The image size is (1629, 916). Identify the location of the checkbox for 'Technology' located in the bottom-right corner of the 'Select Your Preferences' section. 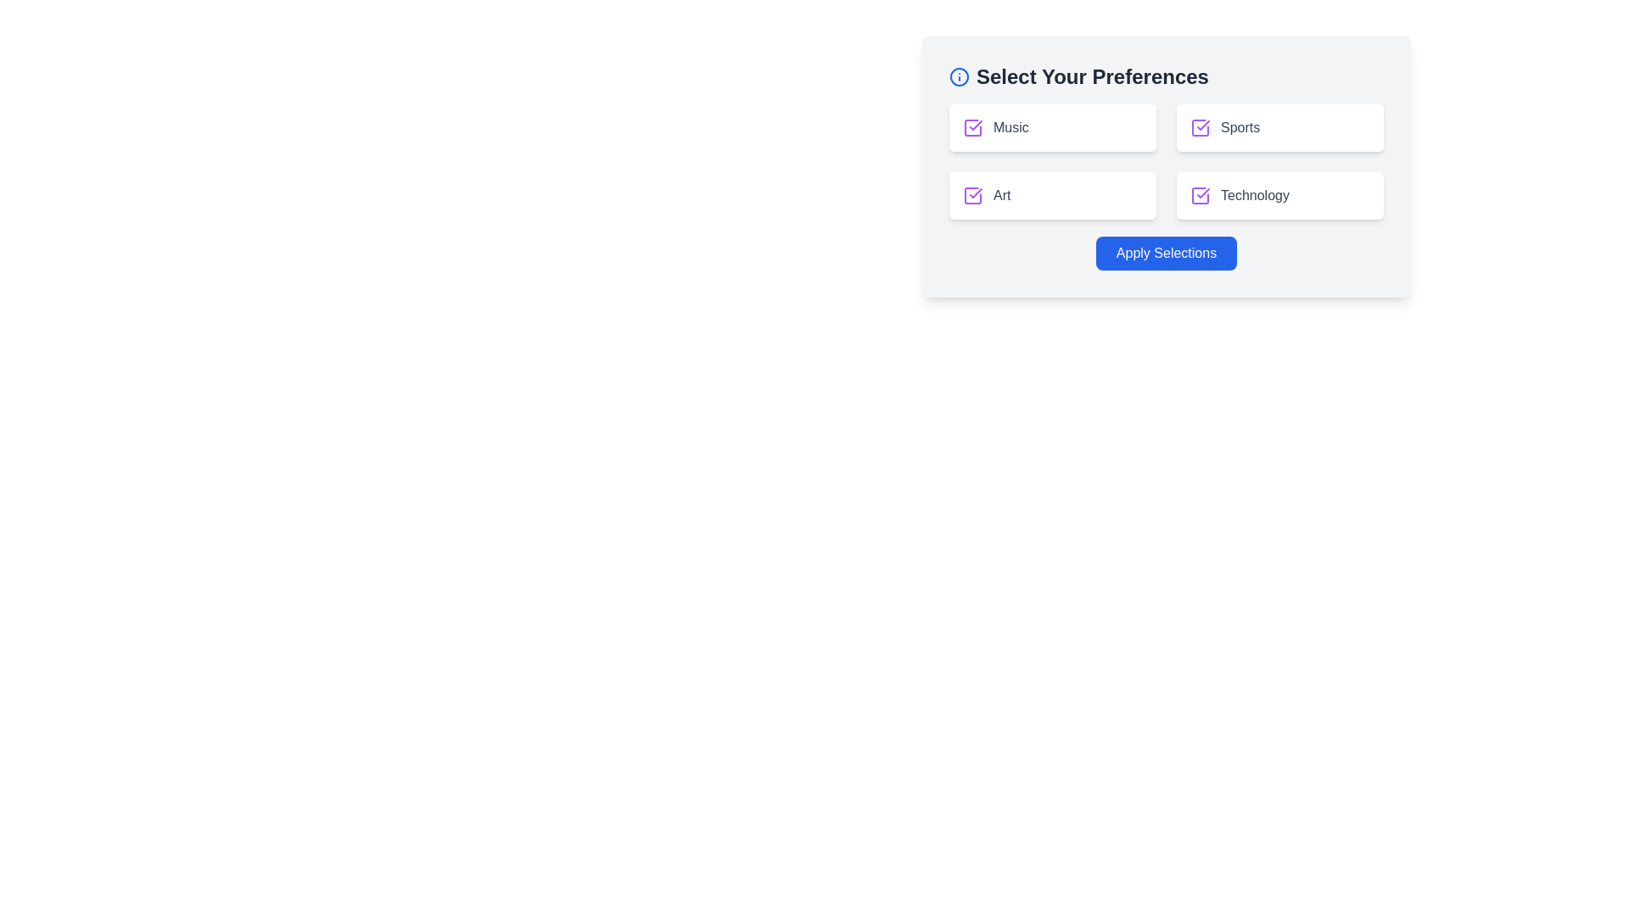
(1279, 195).